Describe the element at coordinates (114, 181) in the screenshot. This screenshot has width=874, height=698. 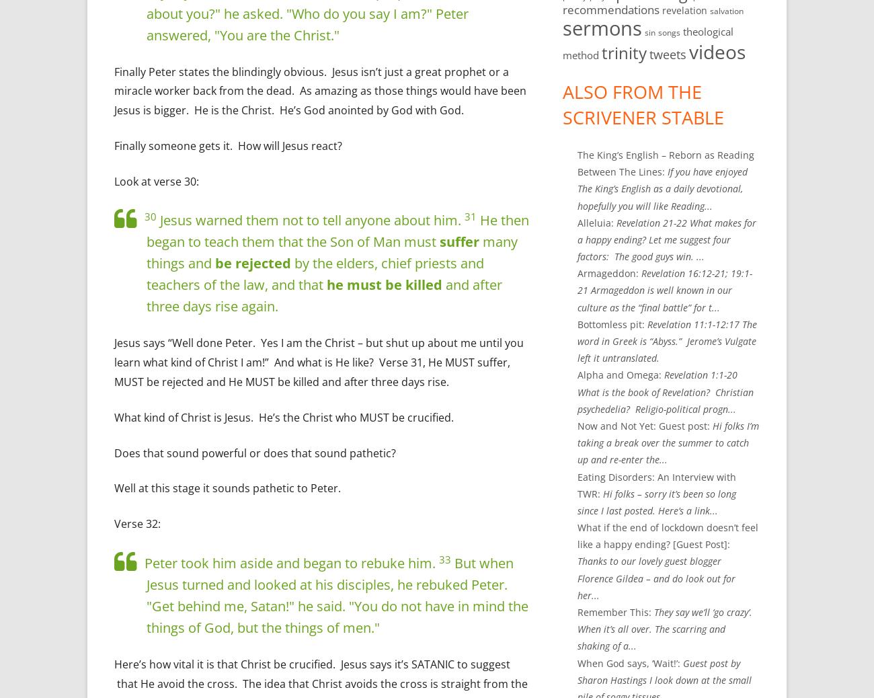
I see `'Look at verse 30:'` at that location.